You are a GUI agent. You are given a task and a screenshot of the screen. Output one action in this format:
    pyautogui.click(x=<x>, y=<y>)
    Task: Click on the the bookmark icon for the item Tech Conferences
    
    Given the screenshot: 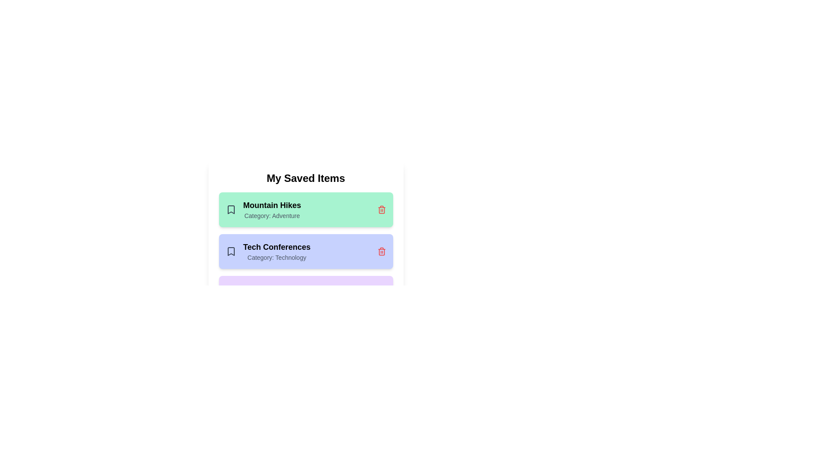 What is the action you would take?
    pyautogui.click(x=231, y=252)
    